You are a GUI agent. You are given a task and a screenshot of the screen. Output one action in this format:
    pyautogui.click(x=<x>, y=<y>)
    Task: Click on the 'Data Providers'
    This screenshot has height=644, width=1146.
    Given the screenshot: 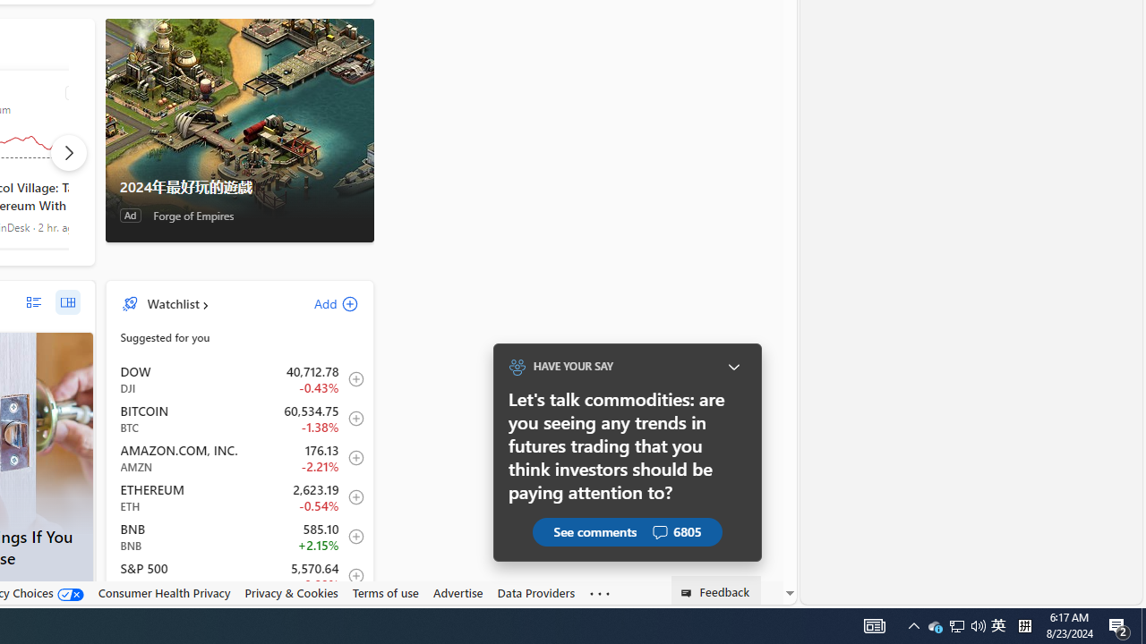 What is the action you would take?
    pyautogui.click(x=535, y=593)
    